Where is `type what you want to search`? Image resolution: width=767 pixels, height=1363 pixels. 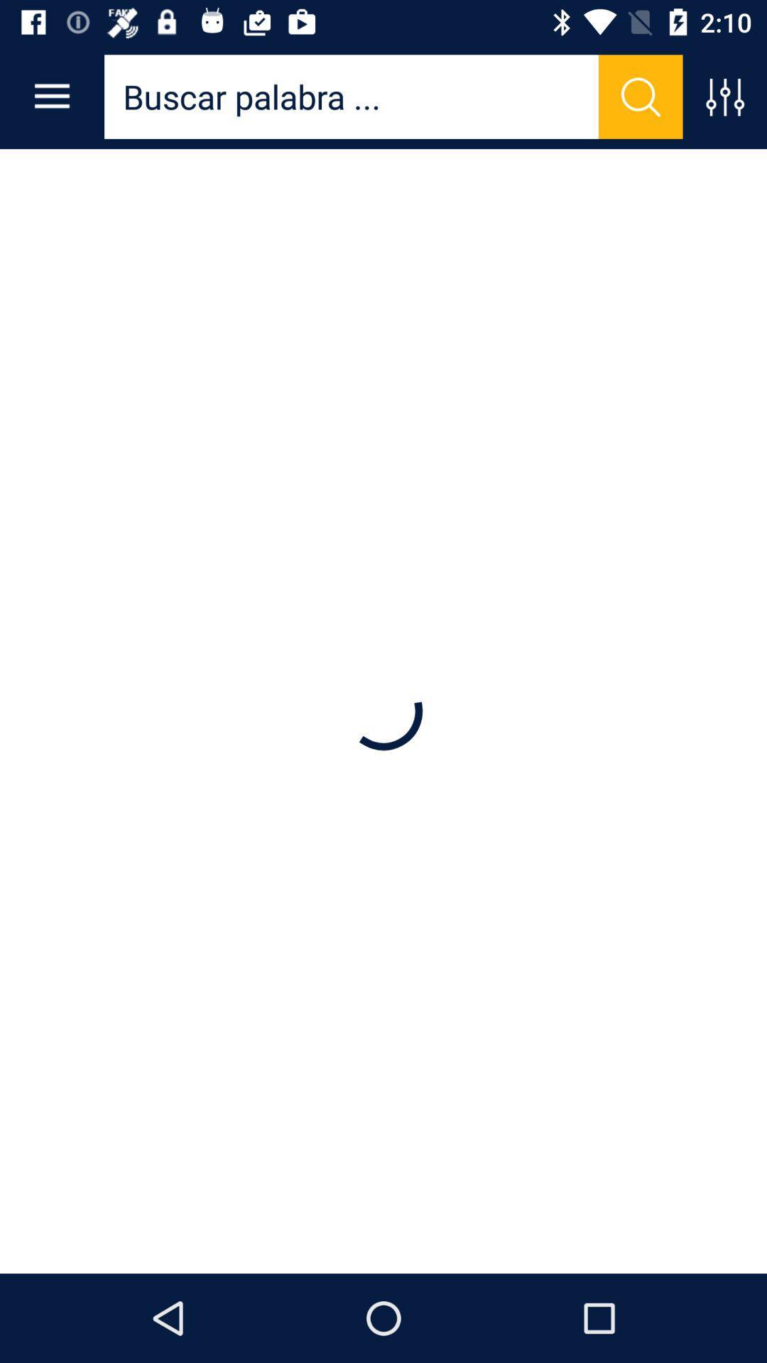 type what you want to search is located at coordinates (351, 96).